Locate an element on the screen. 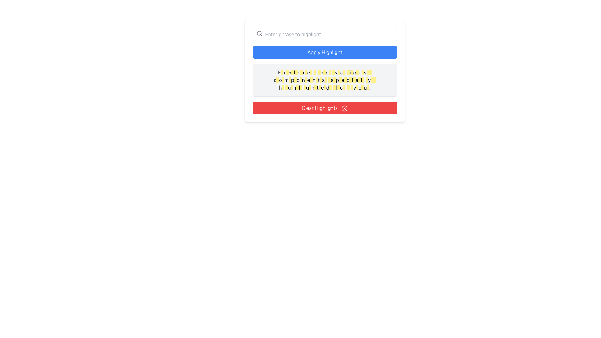 This screenshot has width=601, height=338. the 6th highlight marker in the second row of highlighted words, which has a yellow background and is positioned below the 'Apply Highlight' button is located at coordinates (306, 79).